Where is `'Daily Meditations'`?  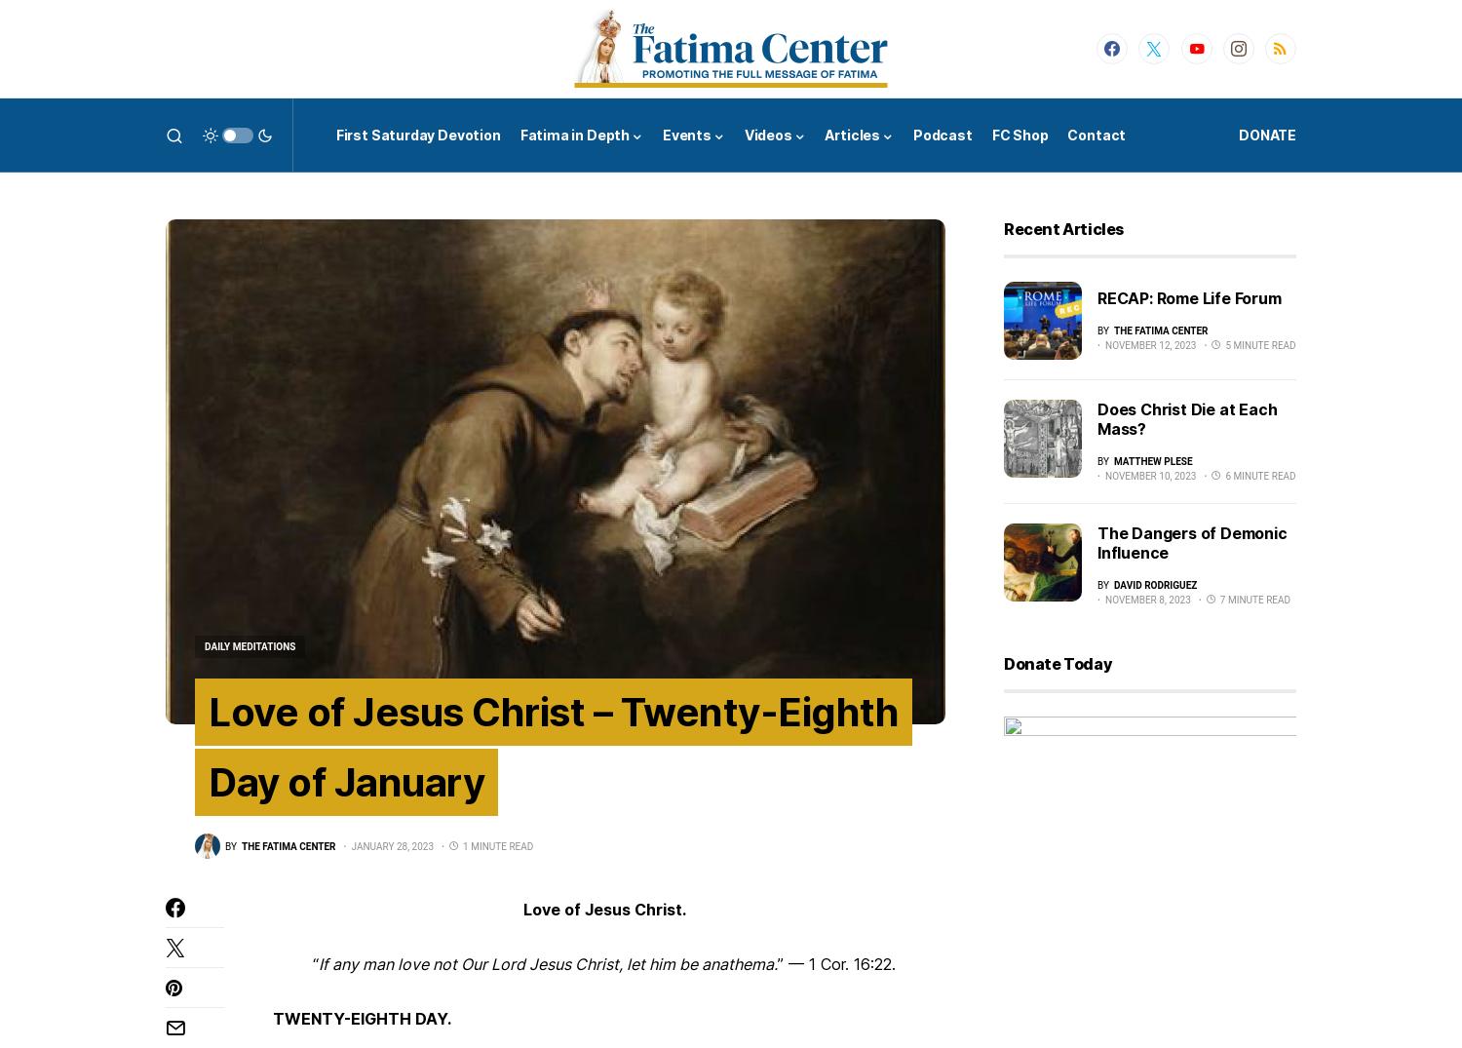 'Daily Meditations' is located at coordinates (250, 646).